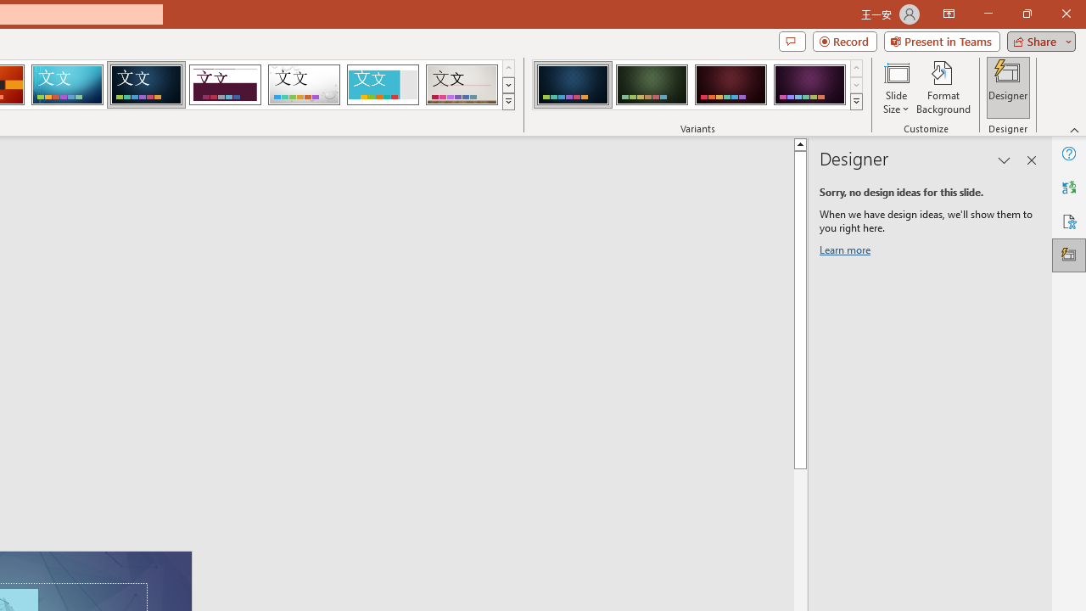  Describe the element at coordinates (651, 85) in the screenshot. I see `'Damask Variant 2'` at that location.